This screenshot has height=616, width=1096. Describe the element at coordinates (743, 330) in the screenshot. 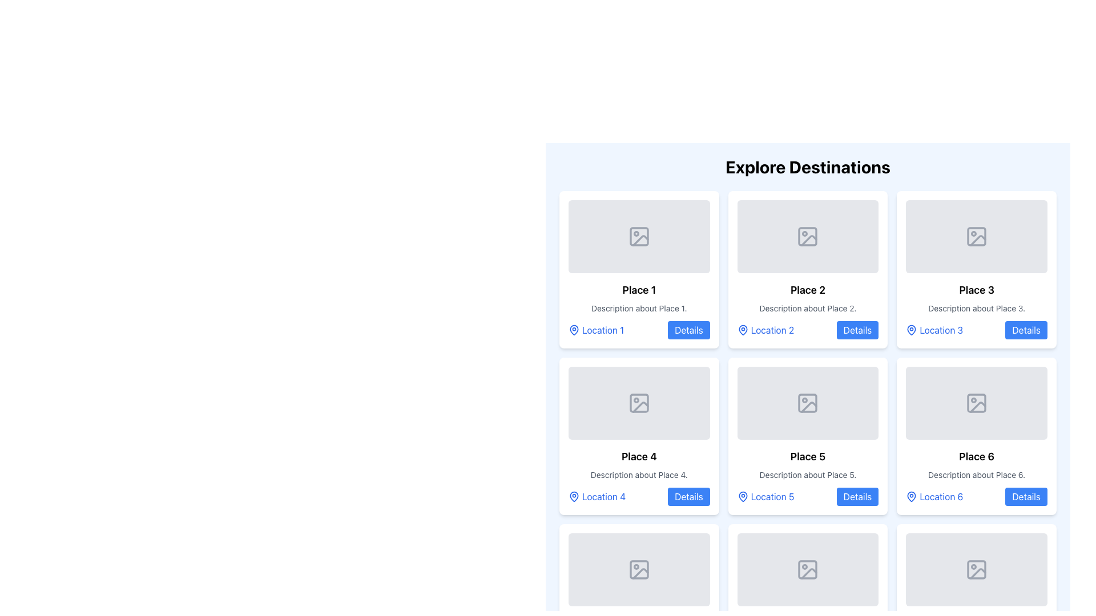

I see `the map pin icon located in the 'Place 2' section, right above the text 'Location 2' in the second column of the 'Explore Destinations' grid` at that location.